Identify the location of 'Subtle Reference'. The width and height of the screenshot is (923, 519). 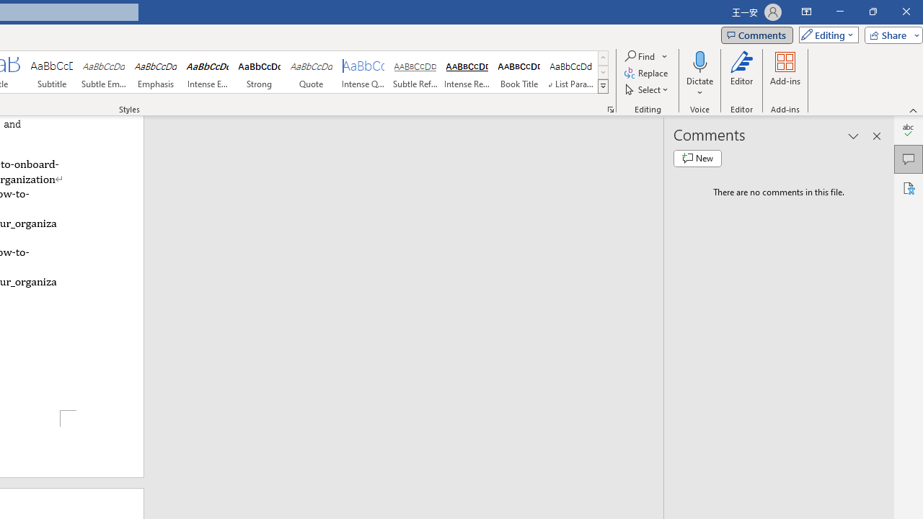
(415, 72).